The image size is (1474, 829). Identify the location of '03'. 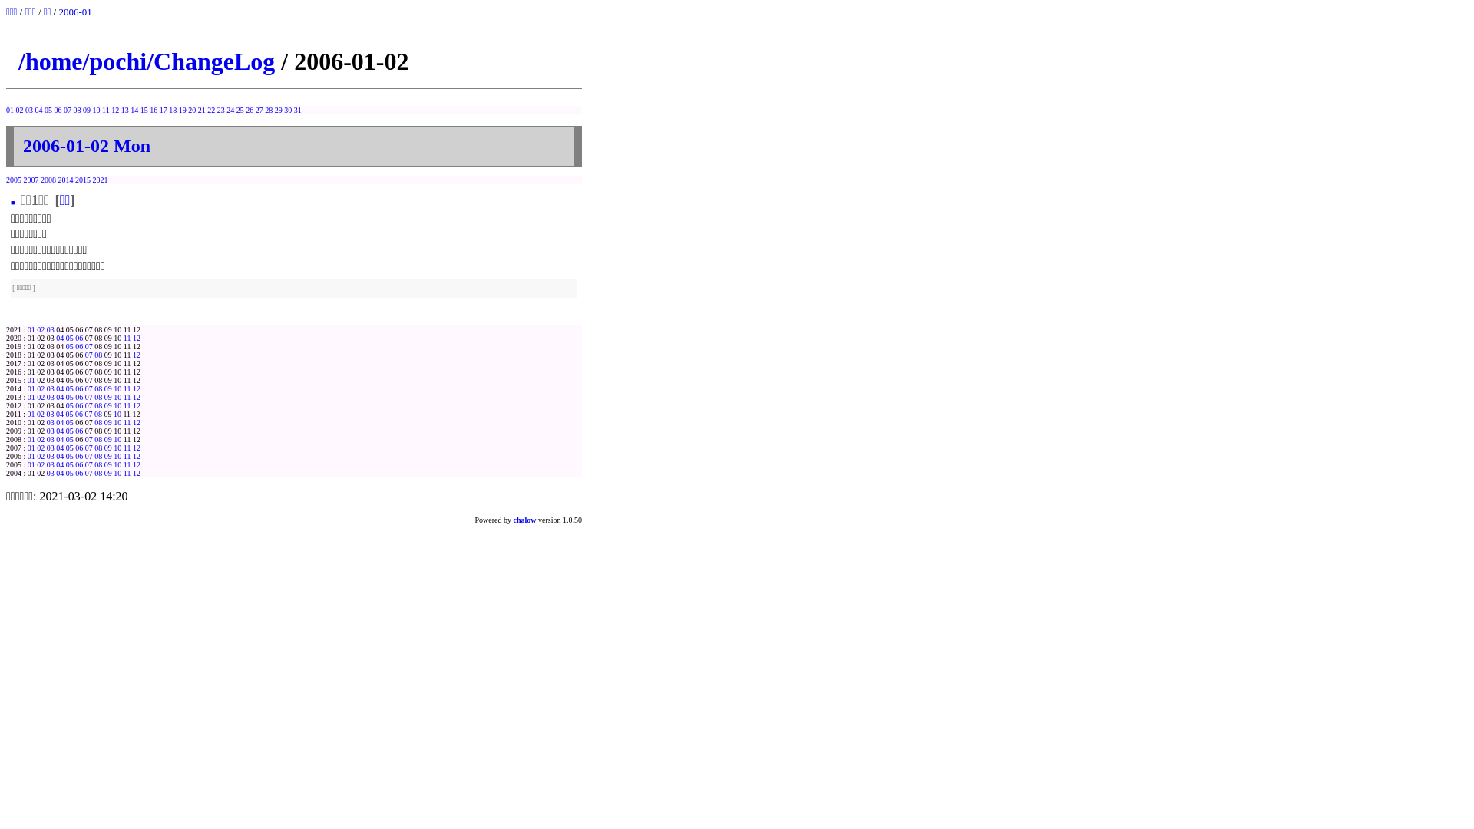
(51, 448).